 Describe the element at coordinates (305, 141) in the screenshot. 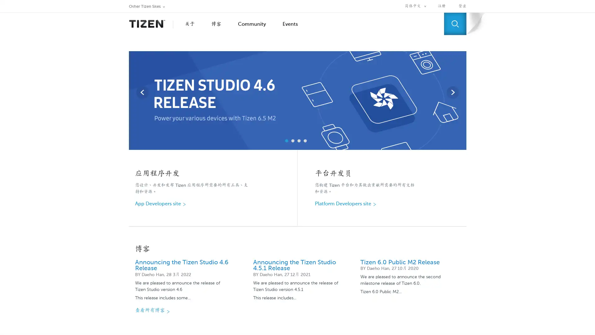

I see `4` at that location.